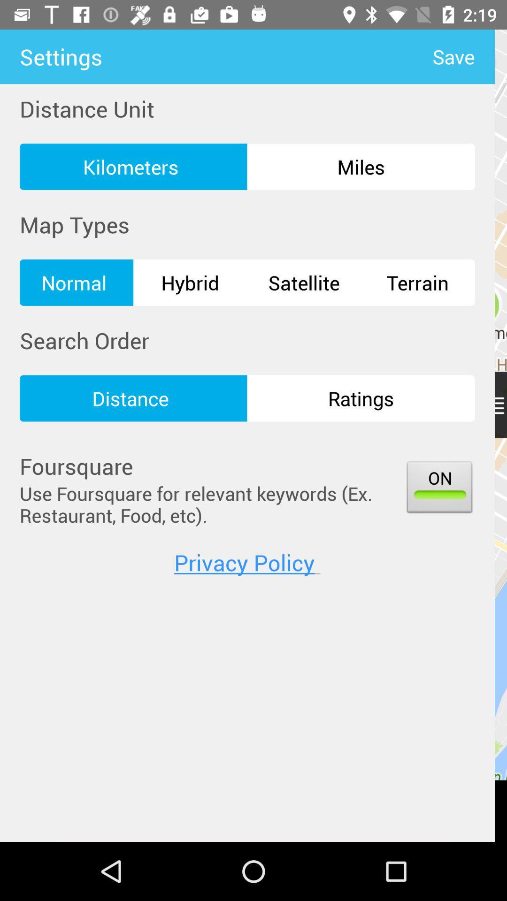 This screenshot has height=901, width=507. I want to click on the save, so click(463, 56).